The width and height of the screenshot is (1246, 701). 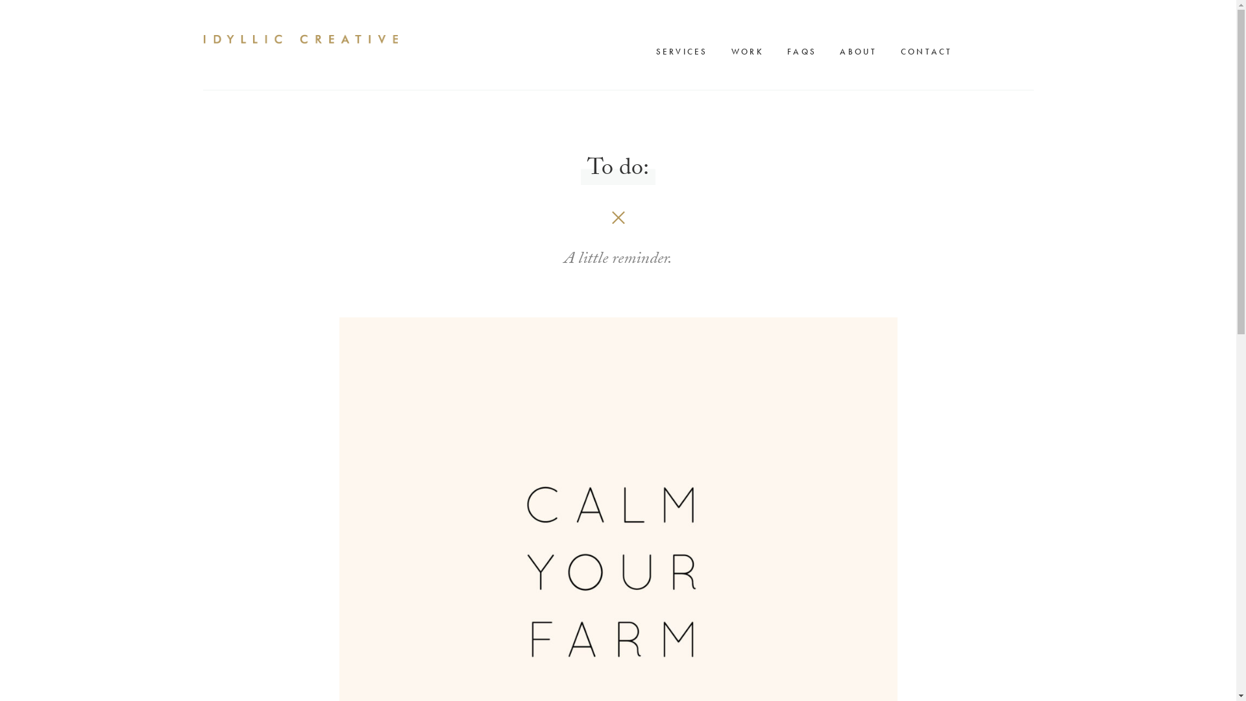 What do you see at coordinates (299, 38) in the screenshot?
I see `'Idyllic Creative'` at bounding box center [299, 38].